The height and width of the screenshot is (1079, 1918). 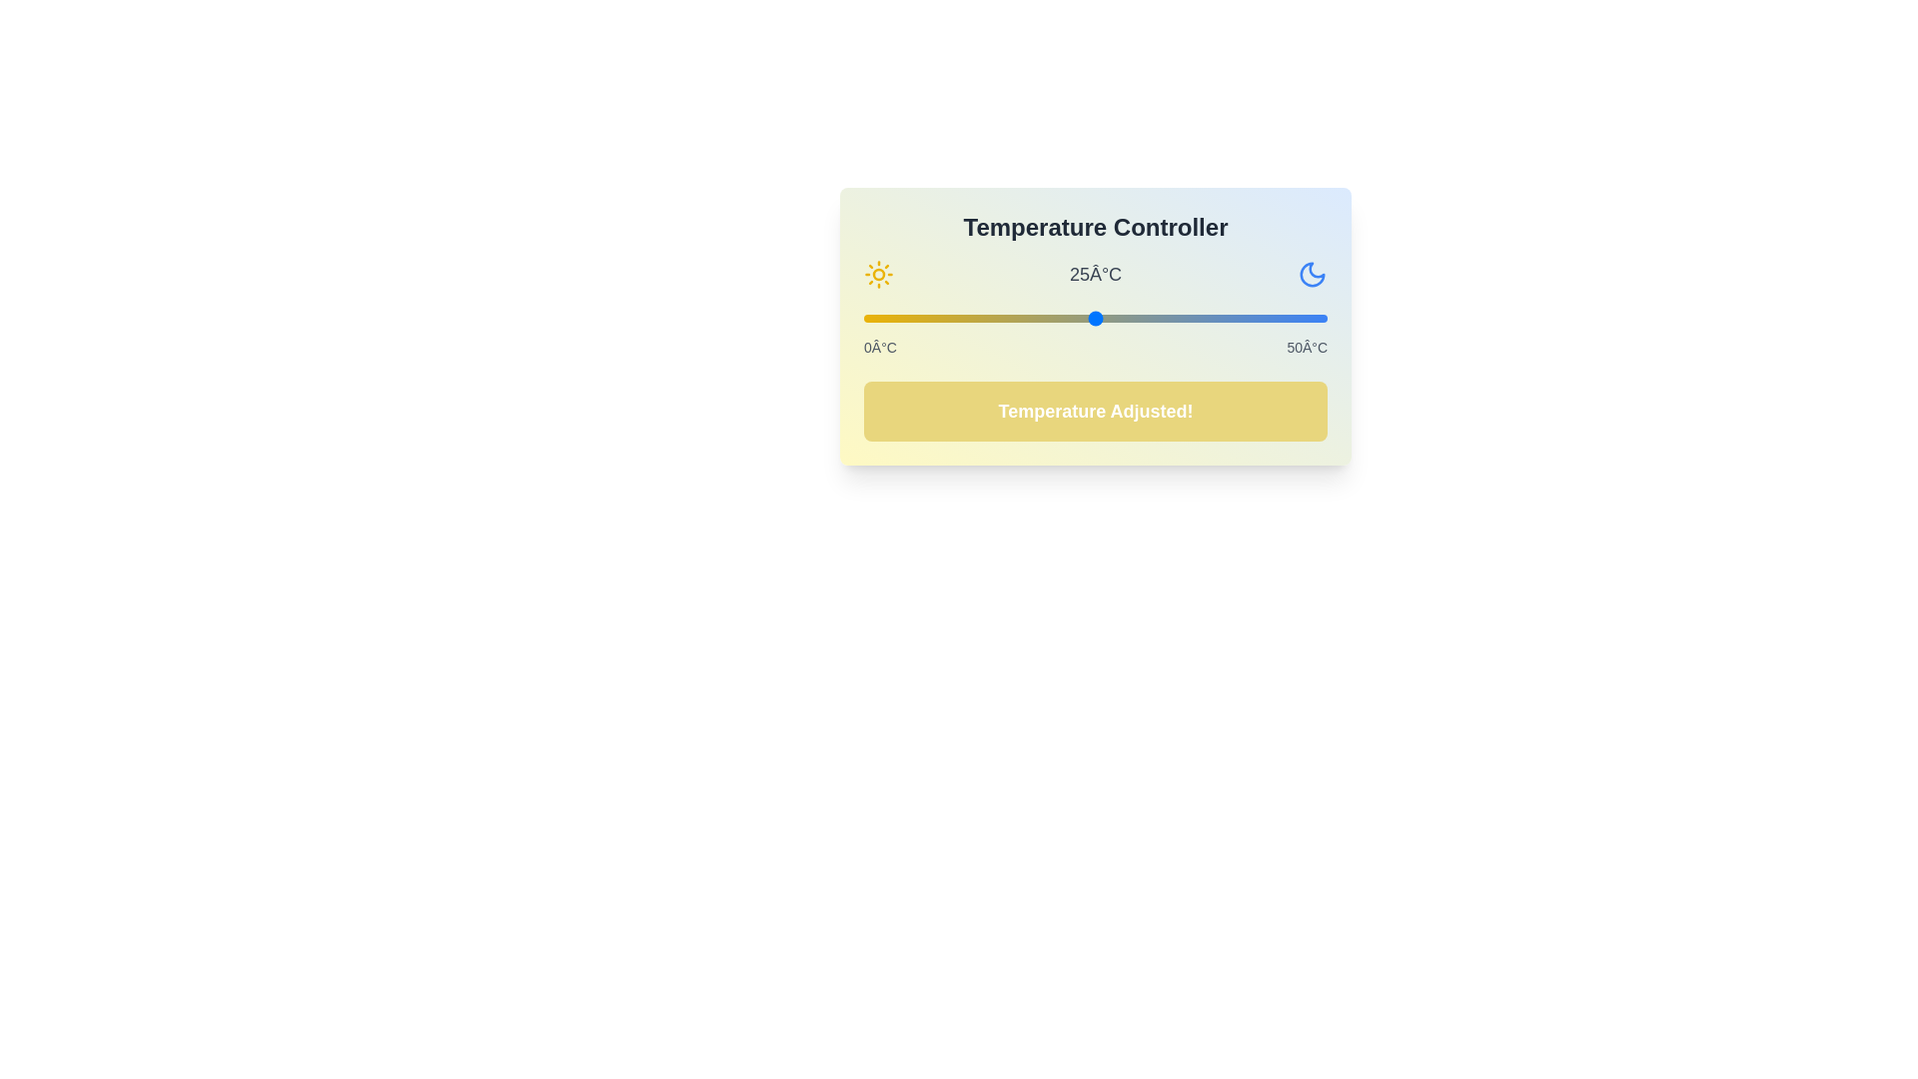 I want to click on the sun icon to explore its functionality, so click(x=878, y=274).